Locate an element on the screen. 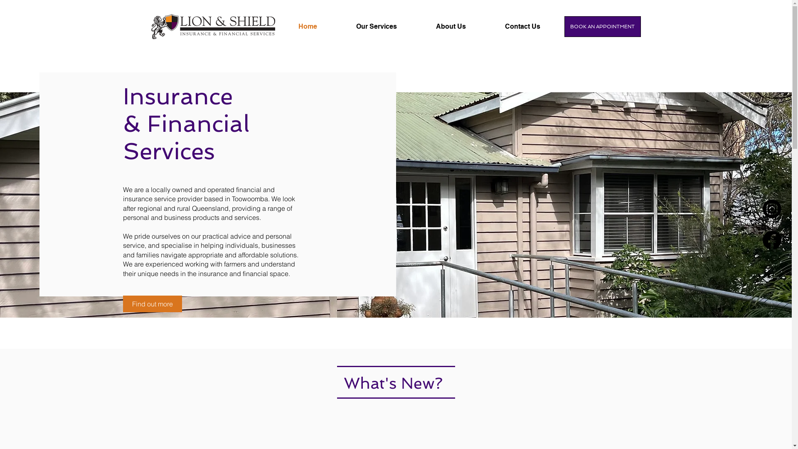 This screenshot has width=798, height=449. 'Our Services' is located at coordinates (389, 26).